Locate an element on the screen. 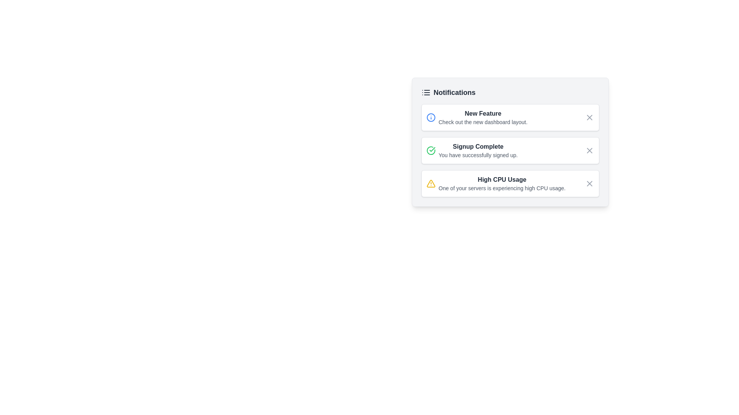 The image size is (739, 415). the Notification Block that indicates a new feature with the title 'New Feature' and subtitle 'Check out the new dashboard layout.' for accessibility navigation is located at coordinates (477, 117).